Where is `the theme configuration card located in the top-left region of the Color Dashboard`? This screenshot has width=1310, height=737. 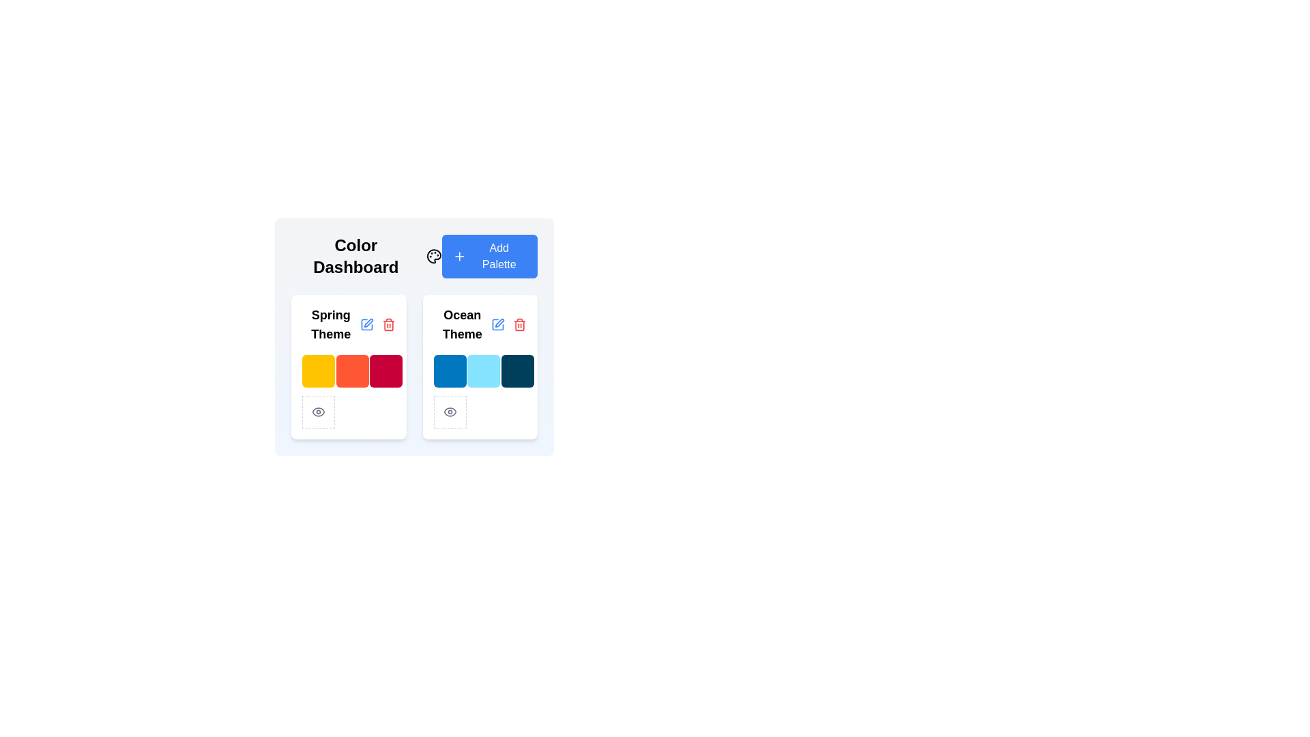 the theme configuration card located in the top-left region of the Color Dashboard is located at coordinates (349, 366).